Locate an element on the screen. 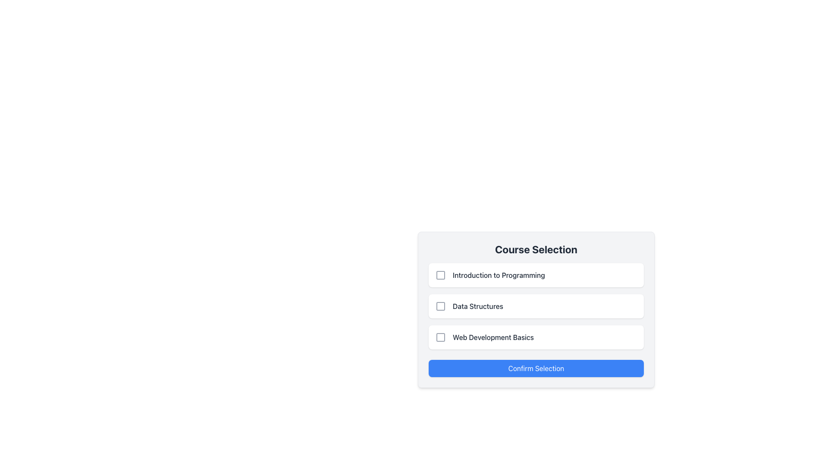 This screenshot has width=828, height=466. the checkboxes within the course selection modal dialog is located at coordinates (536, 336).